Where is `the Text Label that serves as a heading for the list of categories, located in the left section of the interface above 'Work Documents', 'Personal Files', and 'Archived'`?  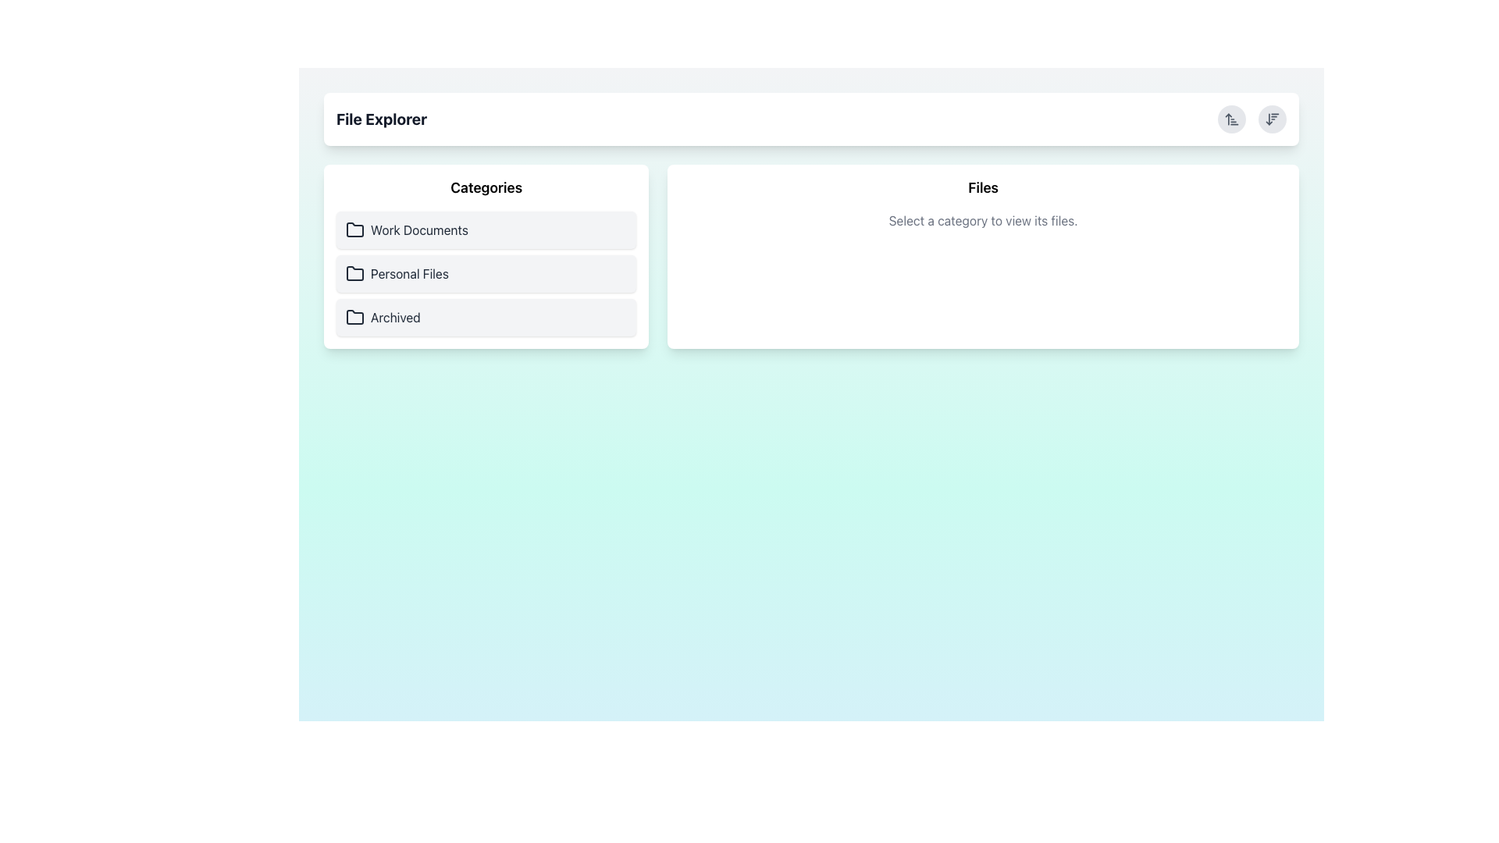
the Text Label that serves as a heading for the list of categories, located in the left section of the interface above 'Work Documents', 'Personal Files', and 'Archived' is located at coordinates (486, 187).